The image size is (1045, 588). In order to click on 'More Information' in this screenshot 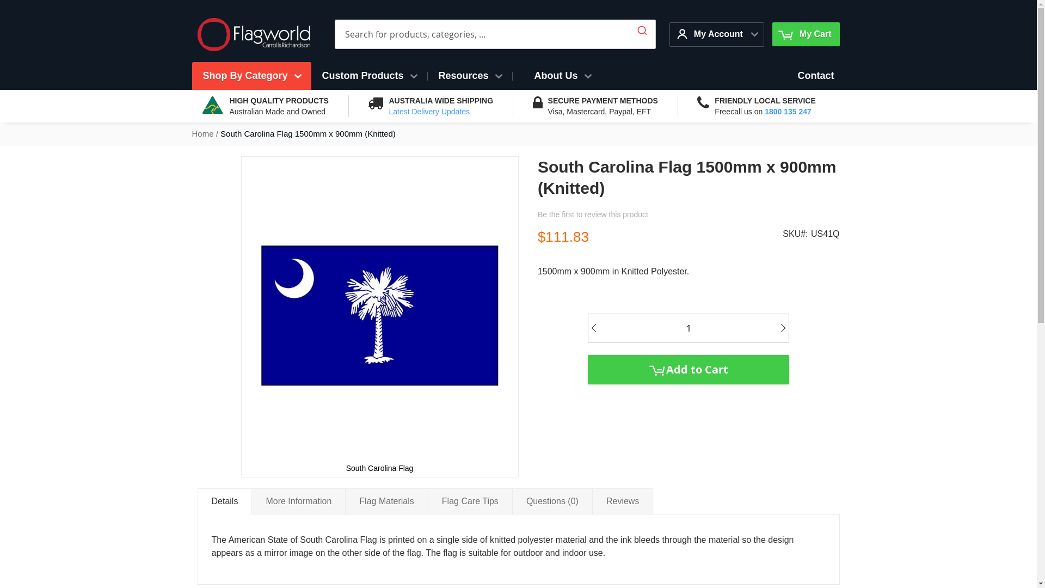, I will do `click(298, 501)`.